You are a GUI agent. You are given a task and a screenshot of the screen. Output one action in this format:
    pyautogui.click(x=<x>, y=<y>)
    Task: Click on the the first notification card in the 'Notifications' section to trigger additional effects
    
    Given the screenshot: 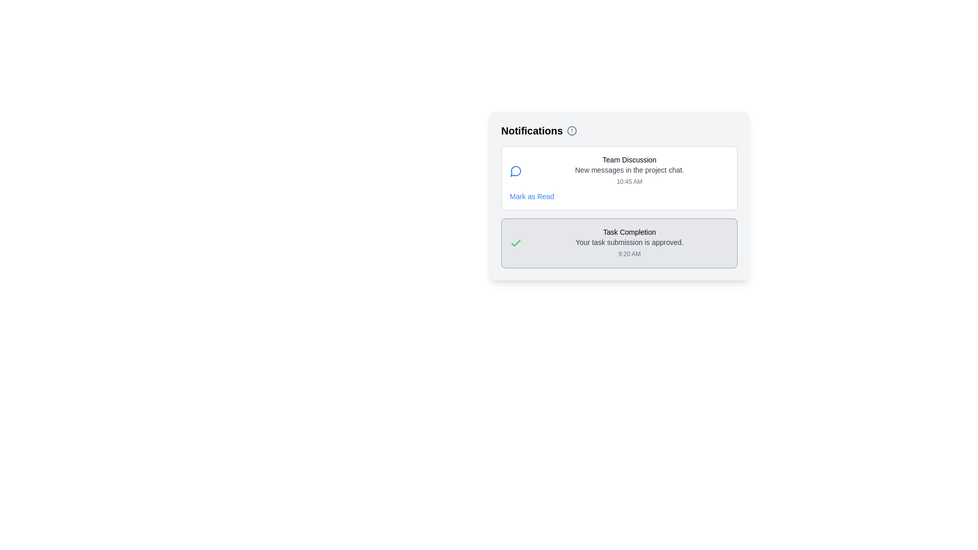 What is the action you would take?
    pyautogui.click(x=618, y=178)
    